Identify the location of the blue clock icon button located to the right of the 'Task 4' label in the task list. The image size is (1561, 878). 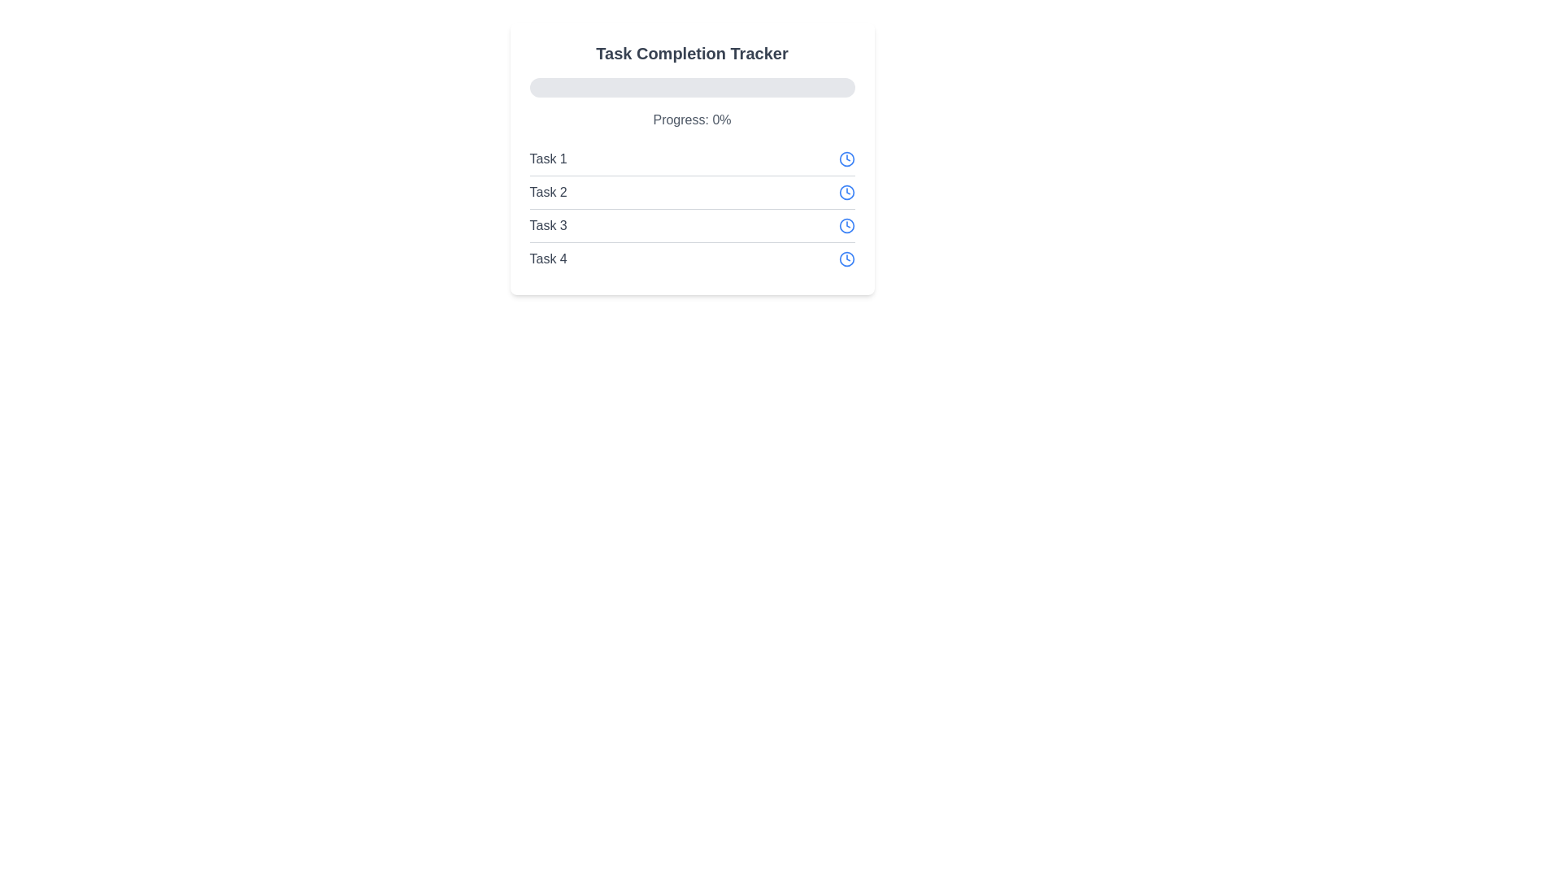
(846, 259).